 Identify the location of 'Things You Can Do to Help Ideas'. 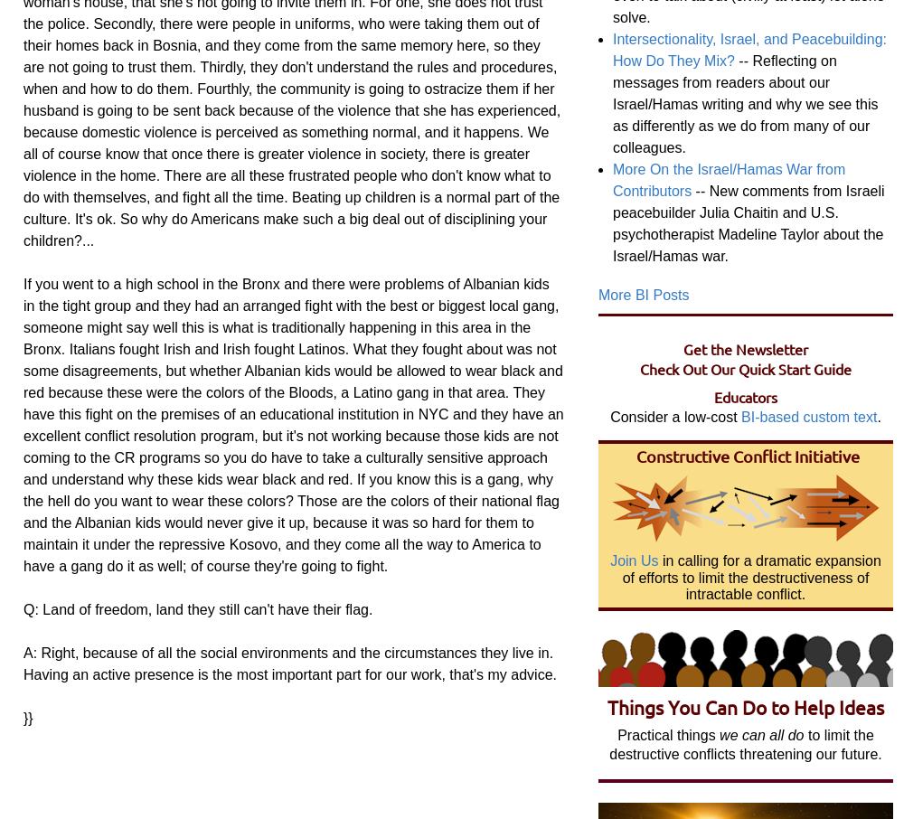
(745, 705).